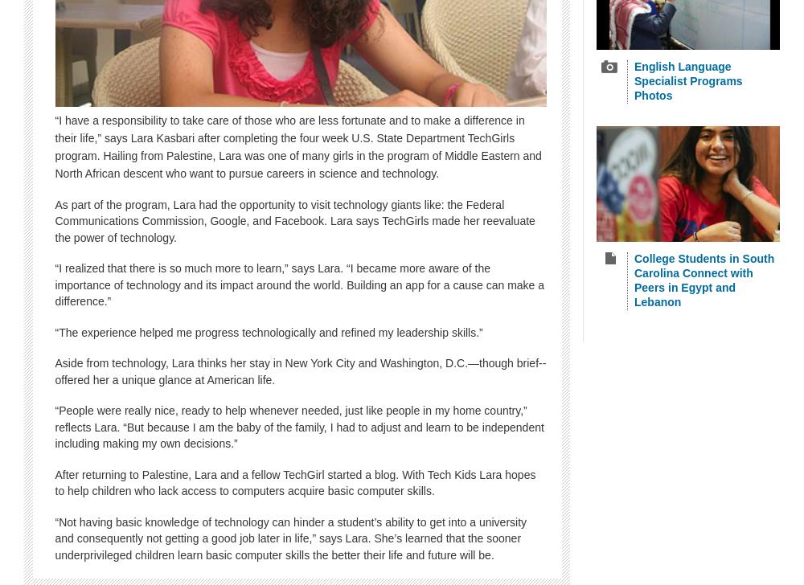  Describe the element at coordinates (298, 284) in the screenshot. I see `'“I realized that there is so much more to learn,” says Lara. “I became more aware of the importance of technology and its impact around the world. Building an app for a cause can make a difference.”'` at that location.